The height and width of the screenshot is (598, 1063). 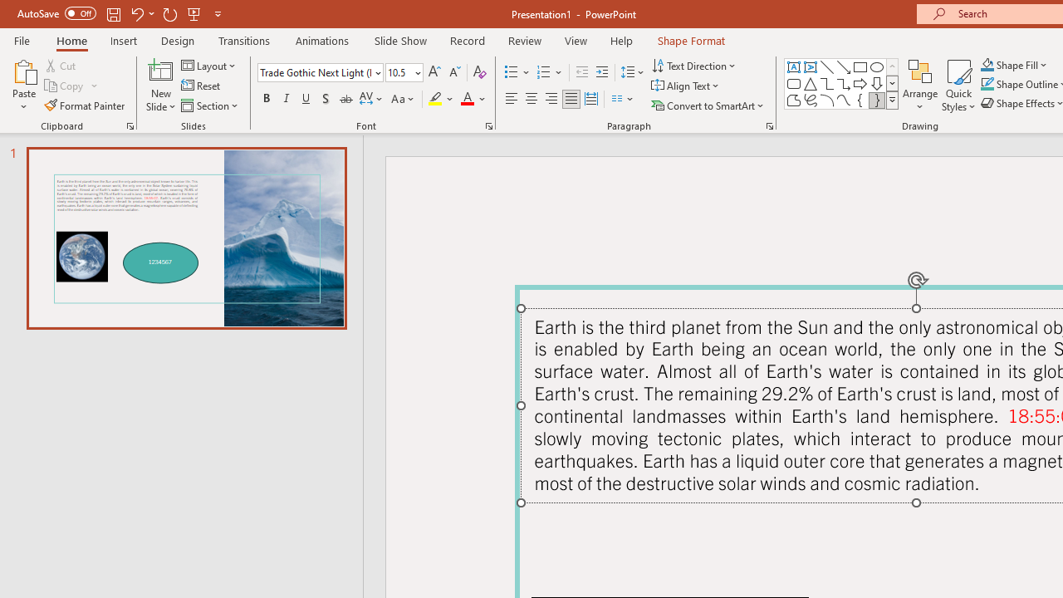 What do you see at coordinates (591, 99) in the screenshot?
I see `'Distributed'` at bounding box center [591, 99].